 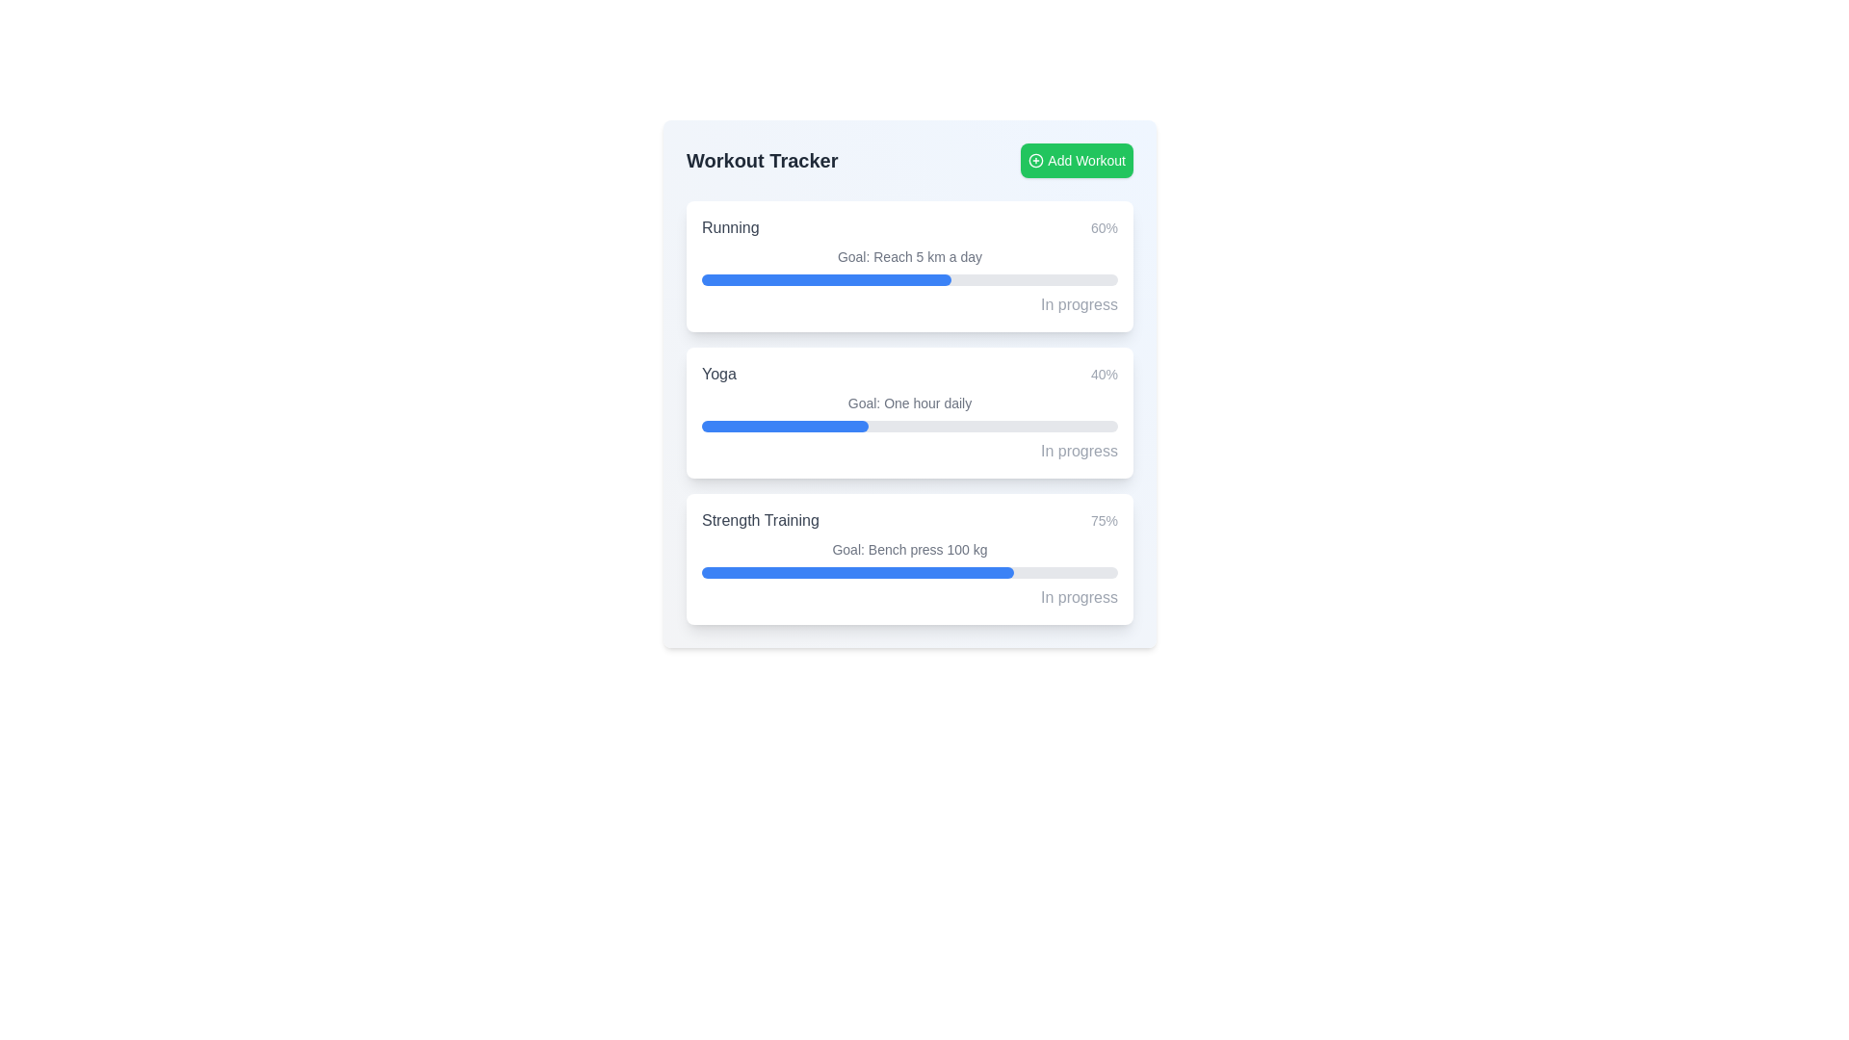 What do you see at coordinates (909, 411) in the screenshot?
I see `progress information from the Progress card that shows the goal 'Yoga: One hour daily' with a current progress of 40% and status 'In progress'` at bounding box center [909, 411].